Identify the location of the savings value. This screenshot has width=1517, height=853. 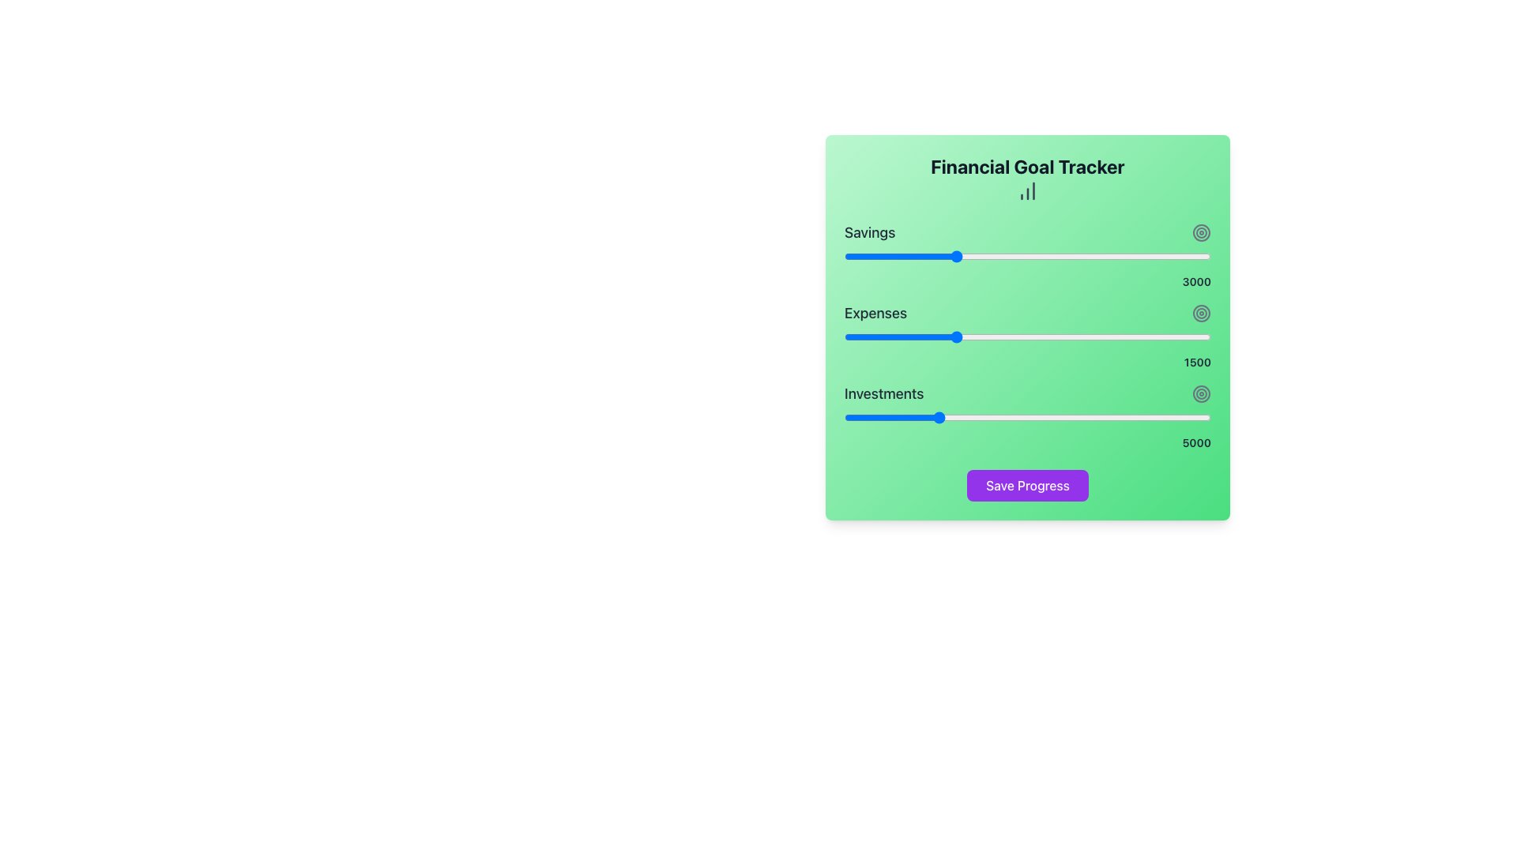
(899, 255).